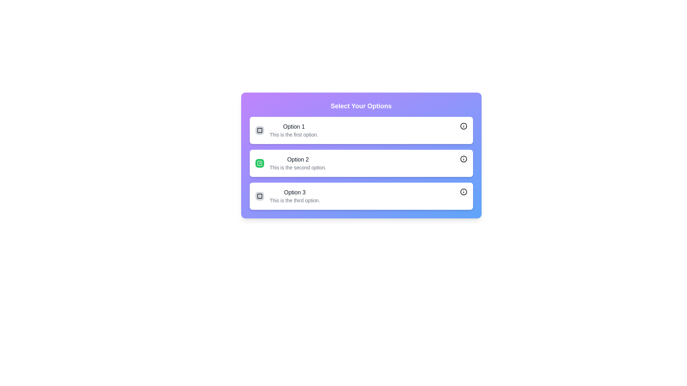 Image resolution: width=687 pixels, height=386 pixels. I want to click on the descriptive text that says 'This is the third option.' located below the 'Option 3' title within the 'Select Your Options' section, so click(294, 200).